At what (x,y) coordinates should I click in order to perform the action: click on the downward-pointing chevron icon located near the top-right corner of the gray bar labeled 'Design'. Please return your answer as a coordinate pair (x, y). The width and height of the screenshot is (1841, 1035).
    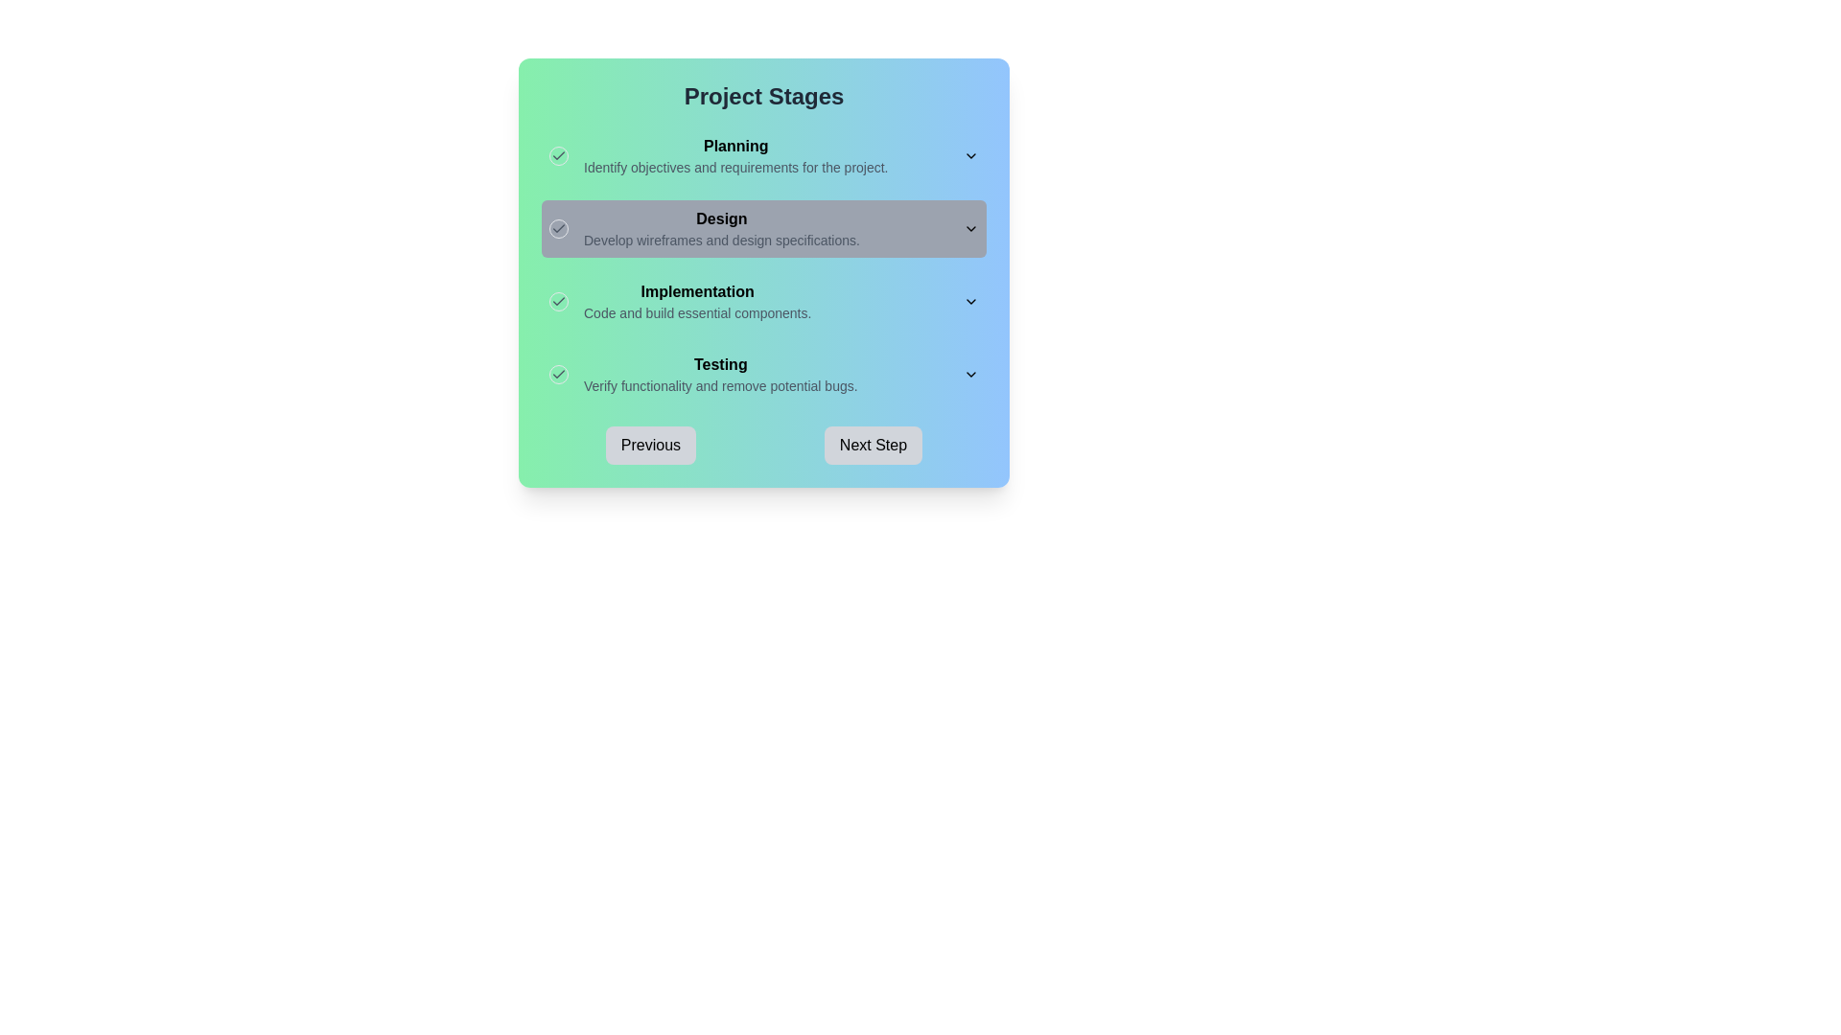
    Looking at the image, I should click on (970, 228).